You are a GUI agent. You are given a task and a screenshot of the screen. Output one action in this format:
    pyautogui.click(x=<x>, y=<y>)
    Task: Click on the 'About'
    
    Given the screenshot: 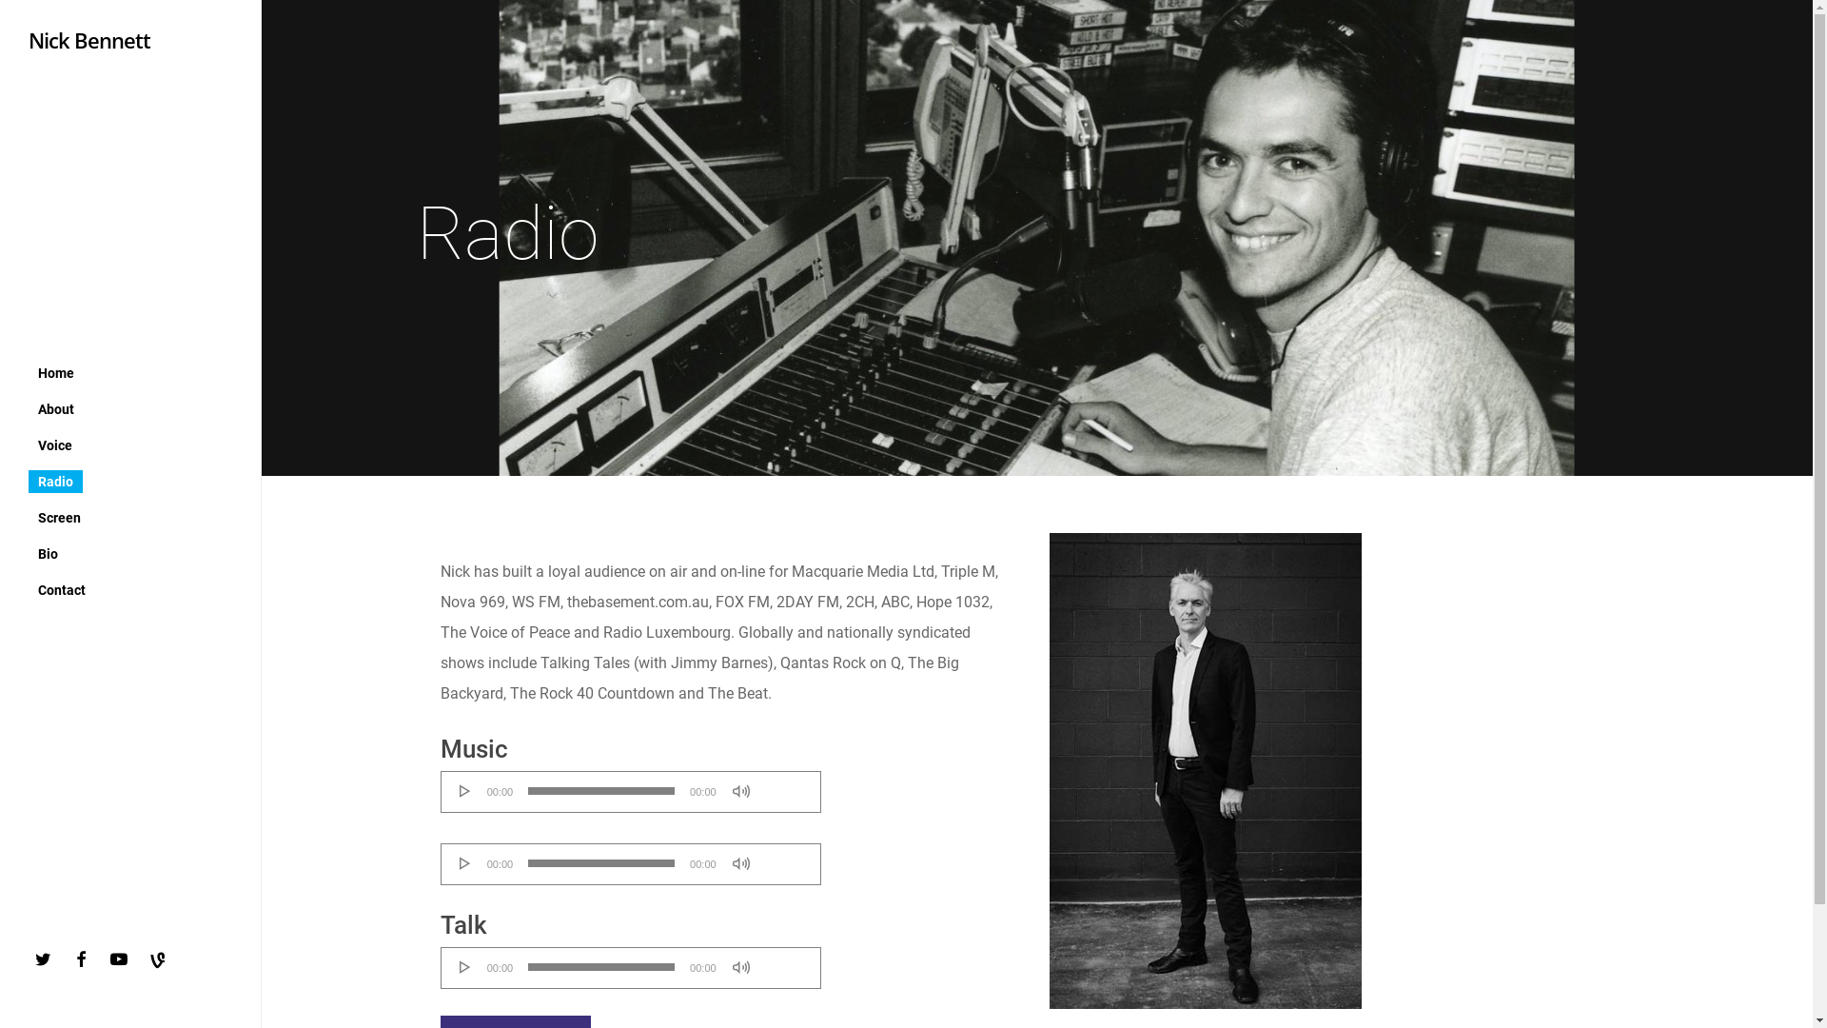 What is the action you would take?
    pyautogui.click(x=55, y=406)
    